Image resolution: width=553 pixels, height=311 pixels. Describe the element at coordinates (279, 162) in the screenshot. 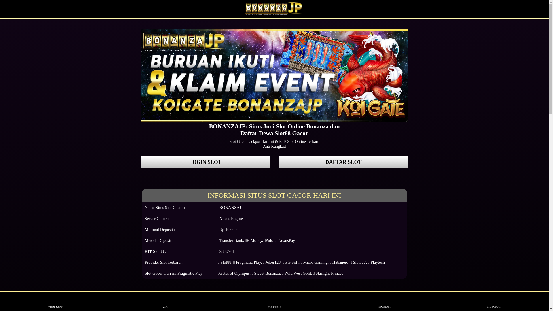

I see `'DAFTAR SLOT'` at that location.